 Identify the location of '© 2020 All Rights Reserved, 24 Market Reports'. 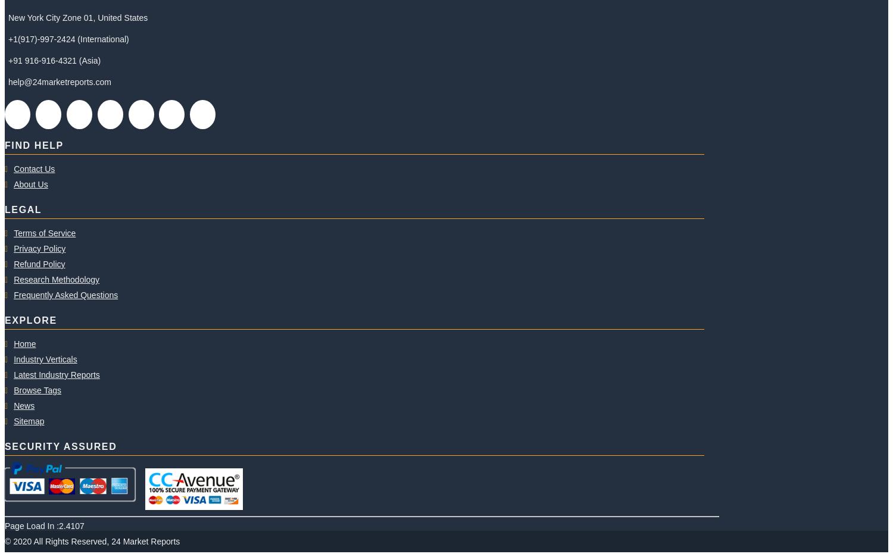
(4, 541).